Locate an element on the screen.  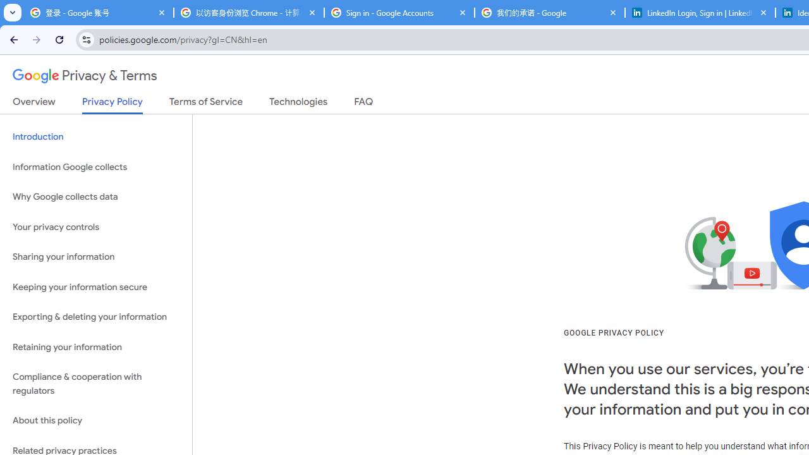
'Sign in - Google Accounts' is located at coordinates (399, 13).